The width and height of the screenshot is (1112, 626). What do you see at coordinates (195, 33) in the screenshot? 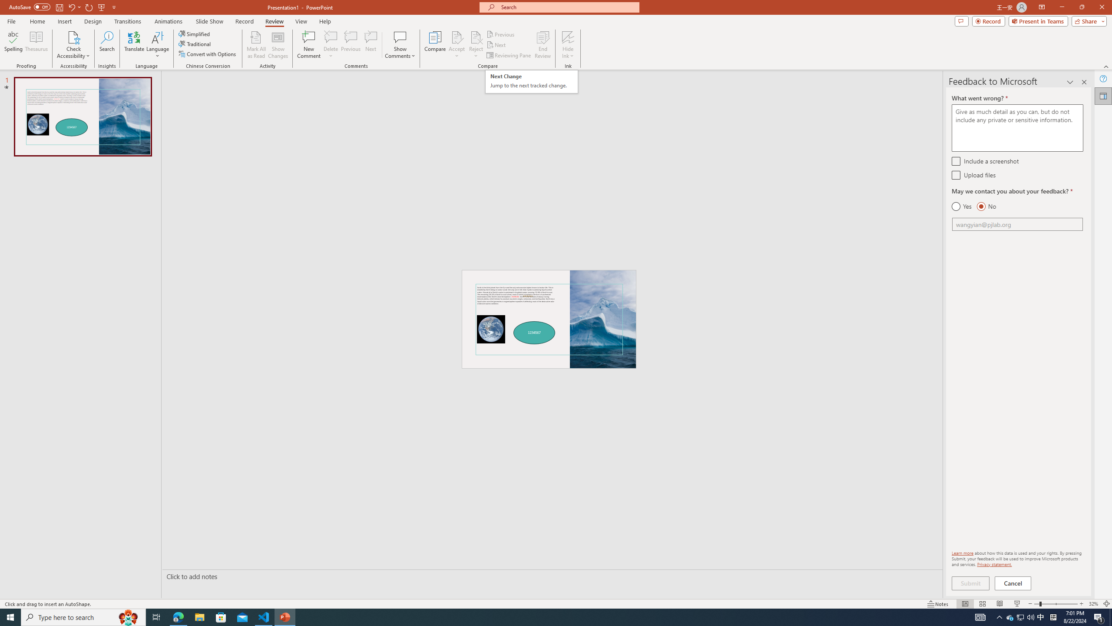
I see `'Simplified'` at bounding box center [195, 33].